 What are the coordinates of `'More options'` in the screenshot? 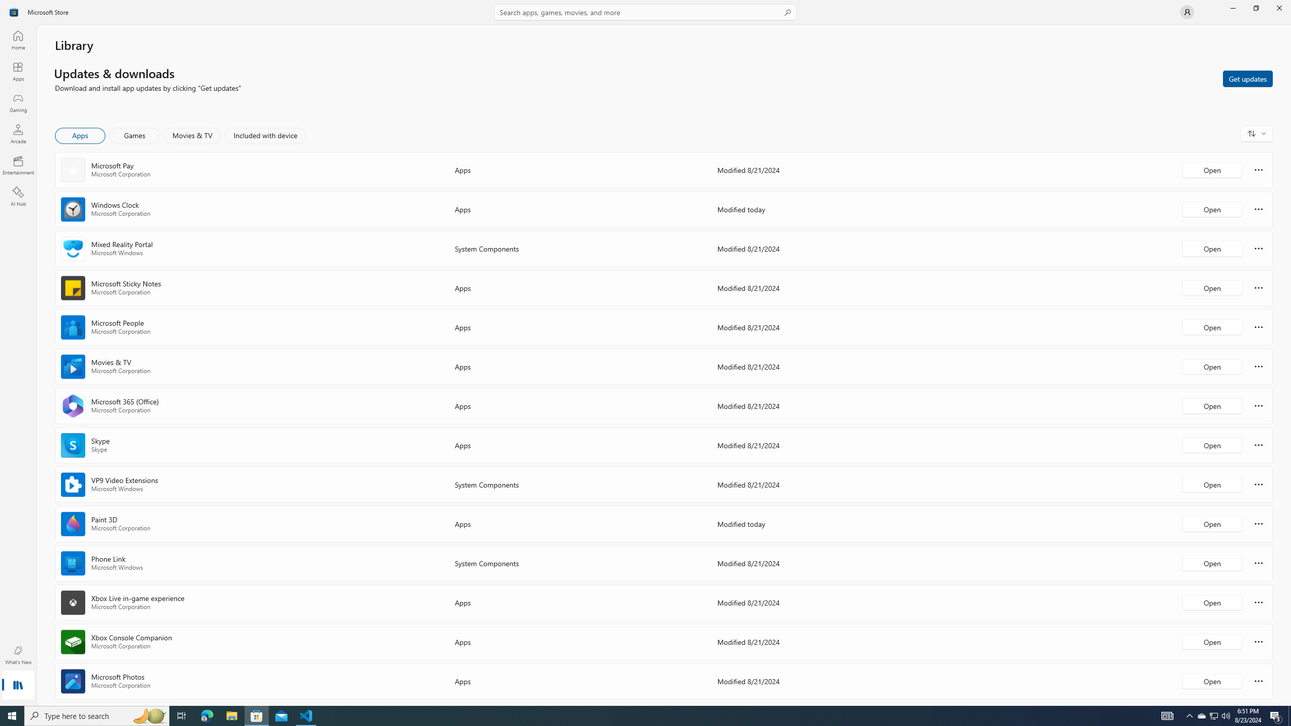 It's located at (1258, 680).